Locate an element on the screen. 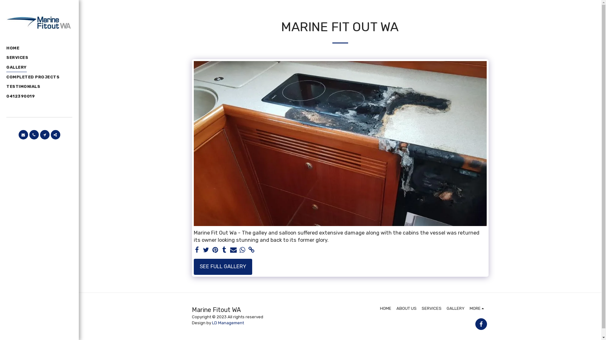  ' ' is located at coordinates (248, 250).